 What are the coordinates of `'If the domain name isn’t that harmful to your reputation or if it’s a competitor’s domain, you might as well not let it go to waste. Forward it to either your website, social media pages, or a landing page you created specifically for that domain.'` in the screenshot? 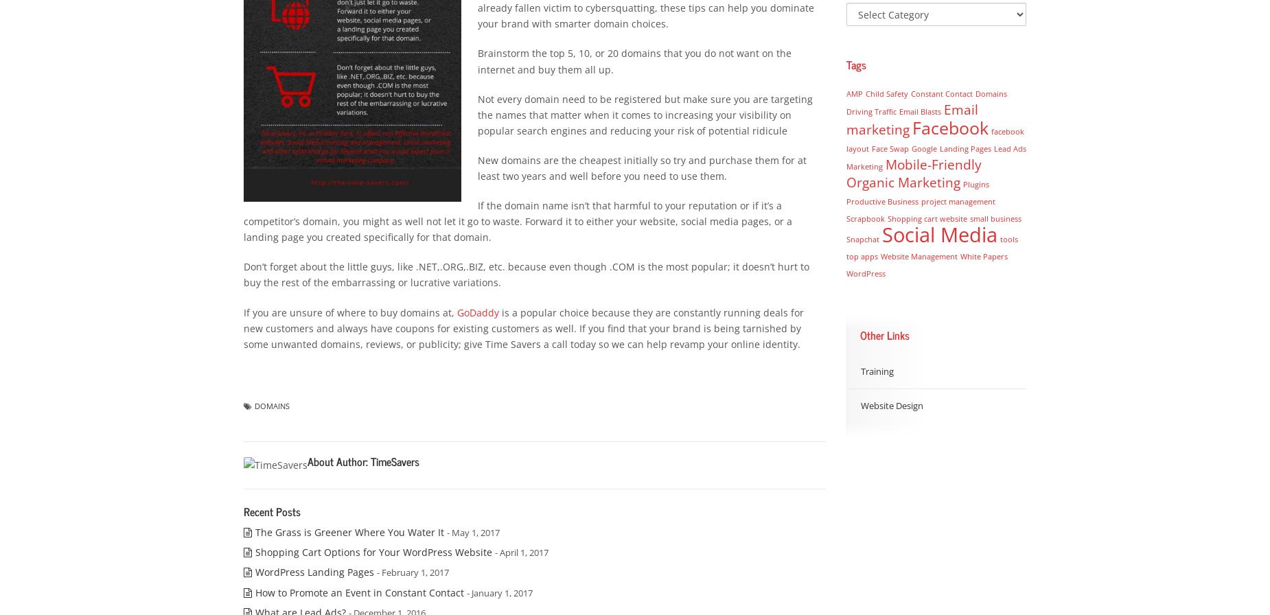 It's located at (518, 221).